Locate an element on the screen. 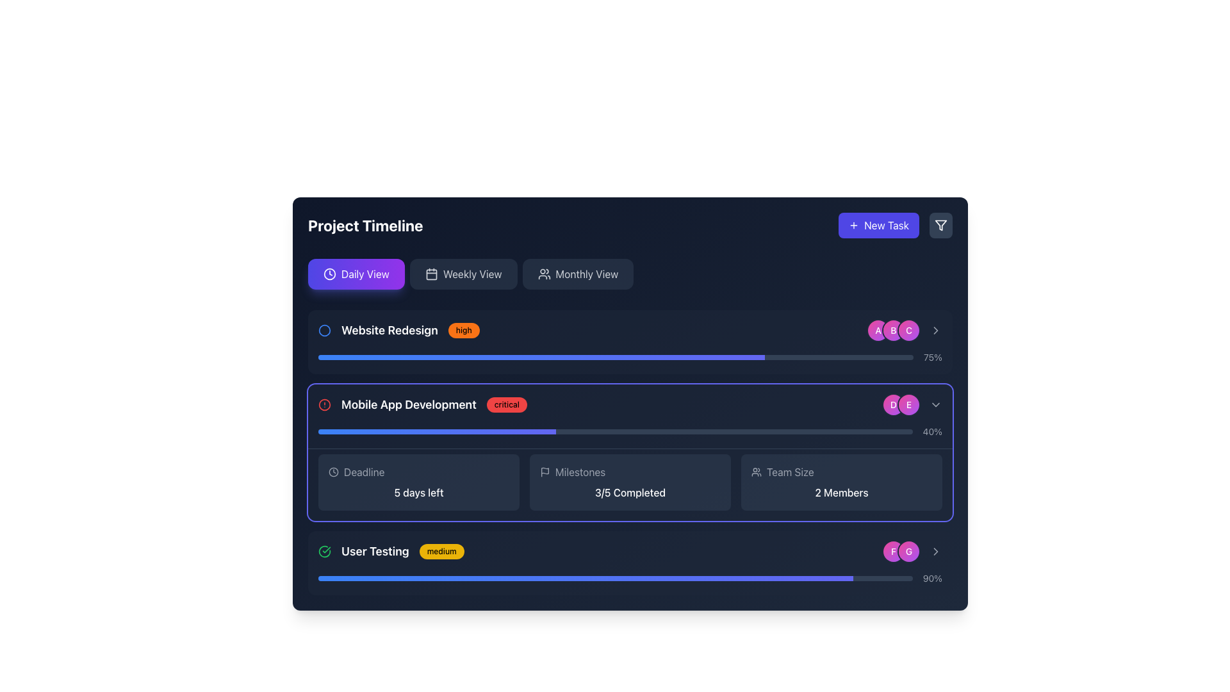 The width and height of the screenshot is (1230, 692). the circular avatar with a gradient background transitioning from pink to purple, containing the white letter 'F', positioned to the left of the 'G' icon in the 'User Testing' section is located at coordinates (893, 550).